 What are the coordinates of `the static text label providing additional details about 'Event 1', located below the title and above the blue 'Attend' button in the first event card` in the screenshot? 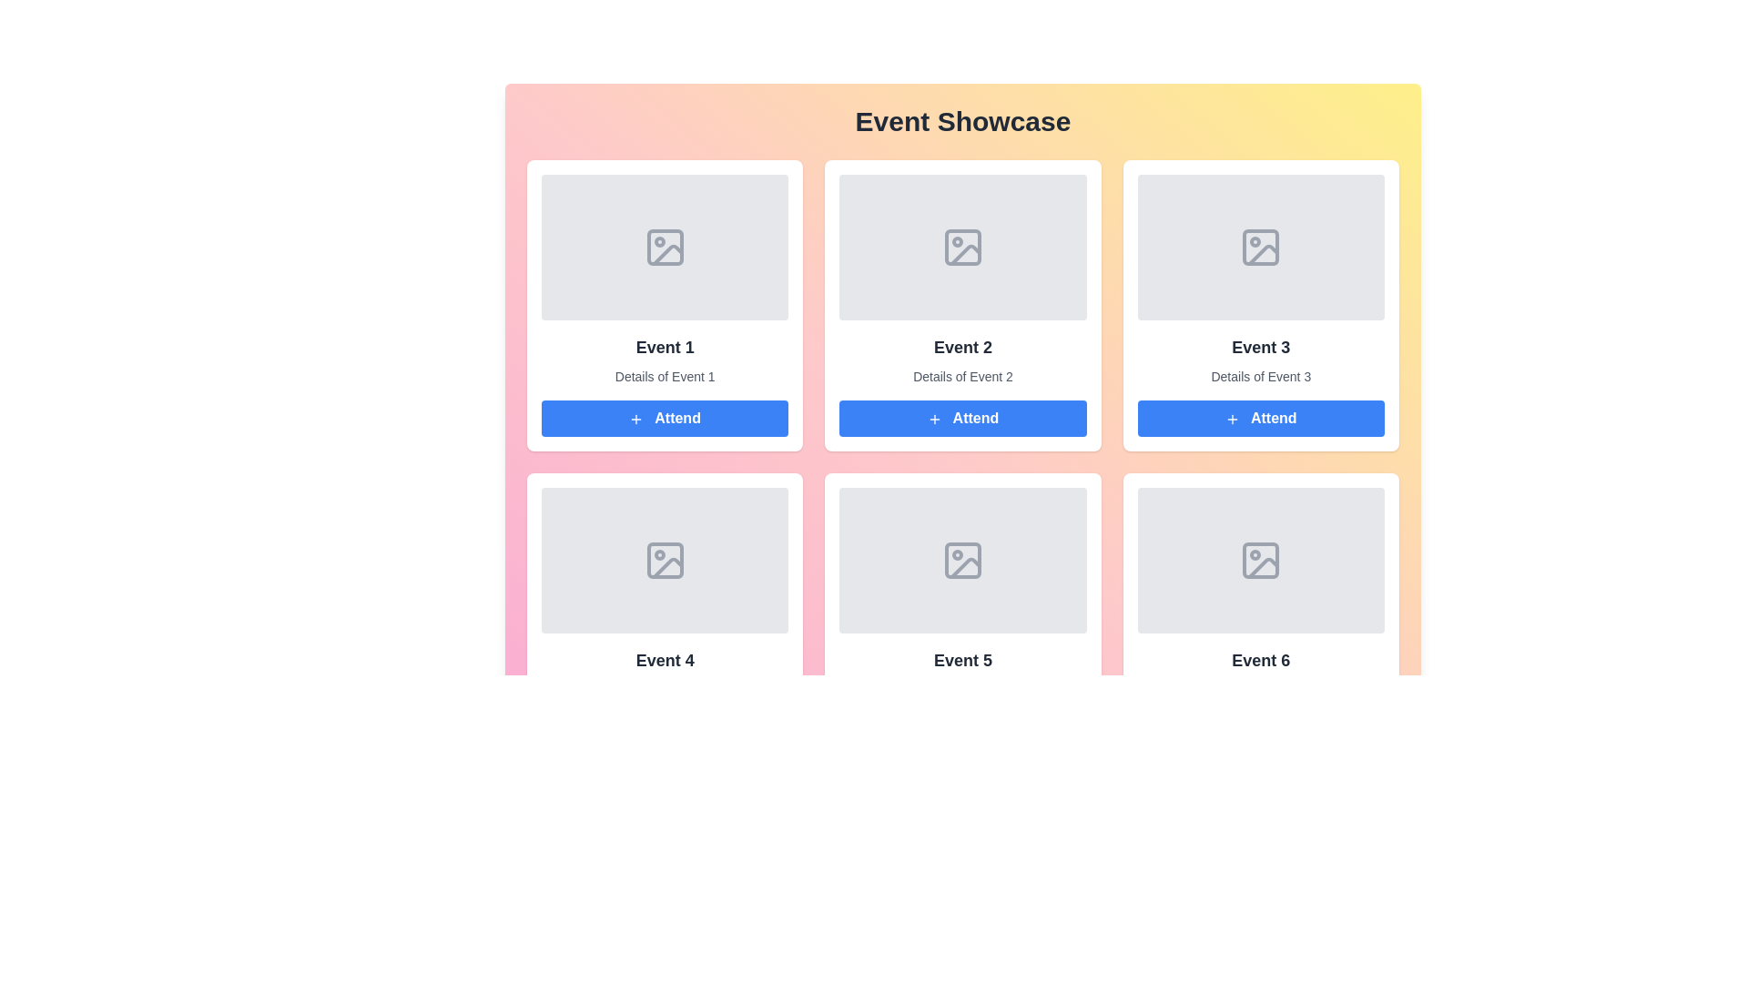 It's located at (664, 375).